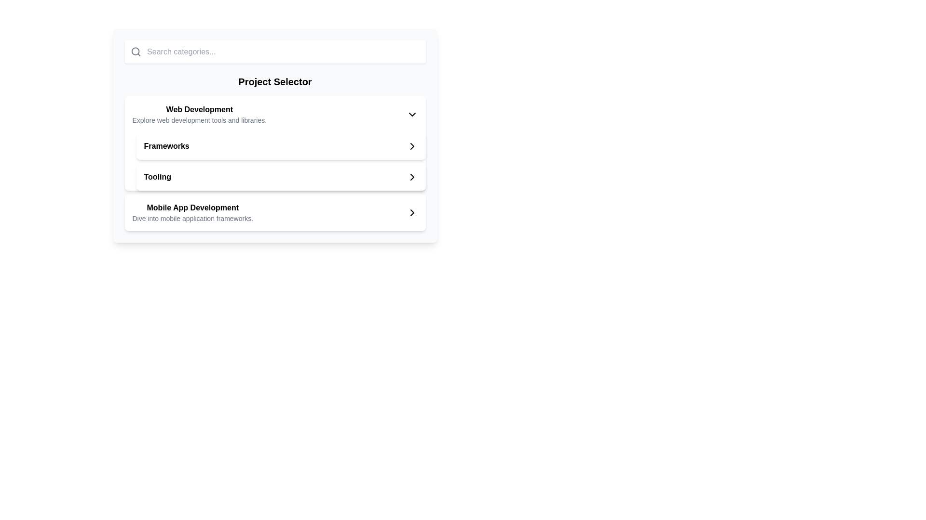 The image size is (926, 520). What do you see at coordinates (192, 219) in the screenshot?
I see `the non-interactive text label providing additional information about the 'Mobile App Development' category, located below the title` at bounding box center [192, 219].